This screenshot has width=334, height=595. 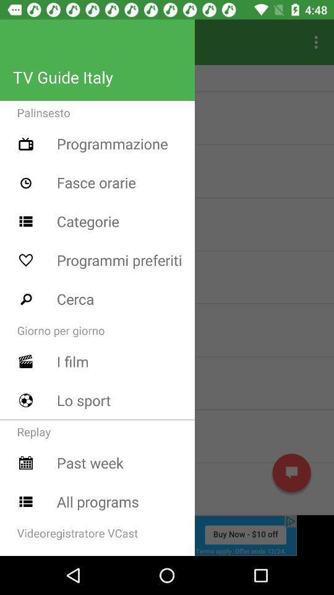 I want to click on message symbol, so click(x=292, y=472).